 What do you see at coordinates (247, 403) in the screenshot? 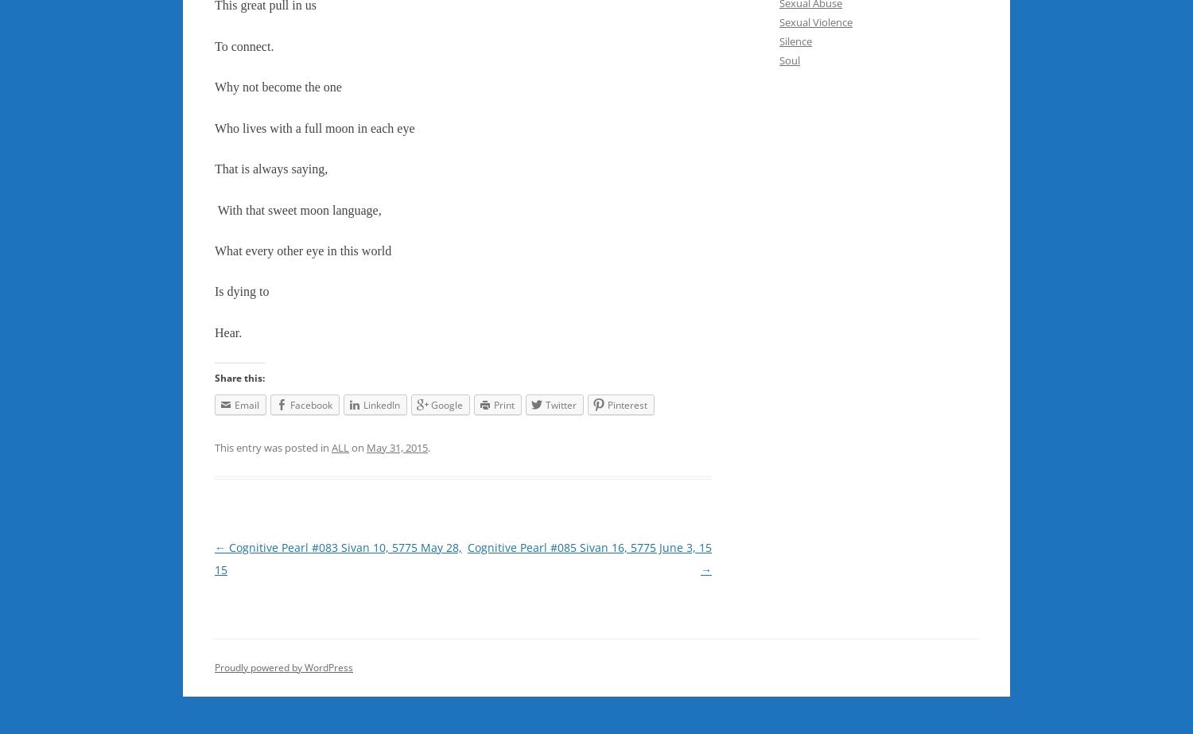
I see `'Email'` at bounding box center [247, 403].